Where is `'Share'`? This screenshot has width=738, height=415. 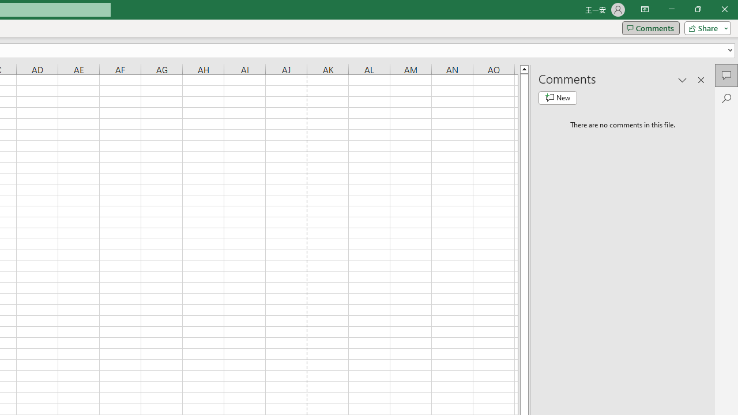 'Share' is located at coordinates (705, 27).